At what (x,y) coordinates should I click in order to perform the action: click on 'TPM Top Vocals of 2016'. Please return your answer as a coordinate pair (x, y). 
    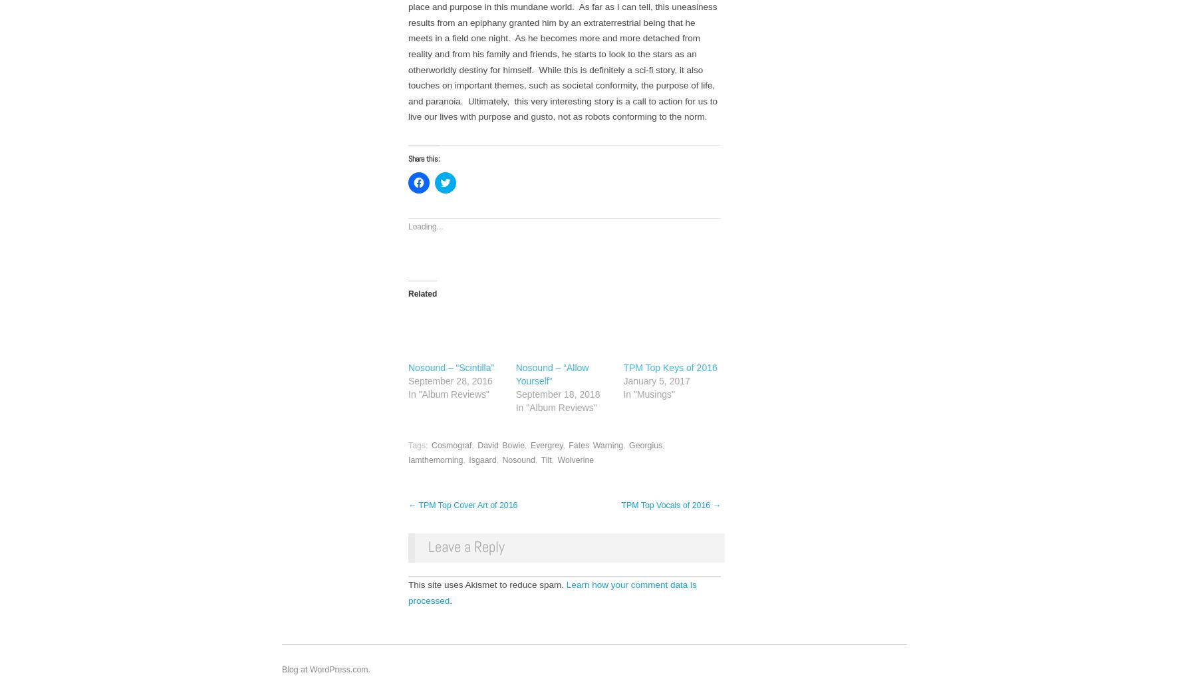
    Looking at the image, I should click on (666, 504).